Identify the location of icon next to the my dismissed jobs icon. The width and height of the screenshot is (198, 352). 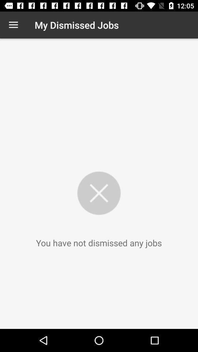
(13, 25).